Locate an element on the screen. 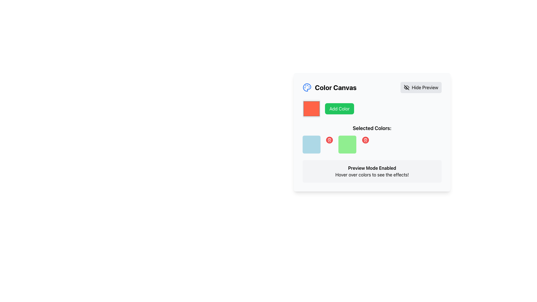 This screenshot has height=302, width=537. the leftmost color swatch in the 'Selected Colors' section is located at coordinates (311, 144).